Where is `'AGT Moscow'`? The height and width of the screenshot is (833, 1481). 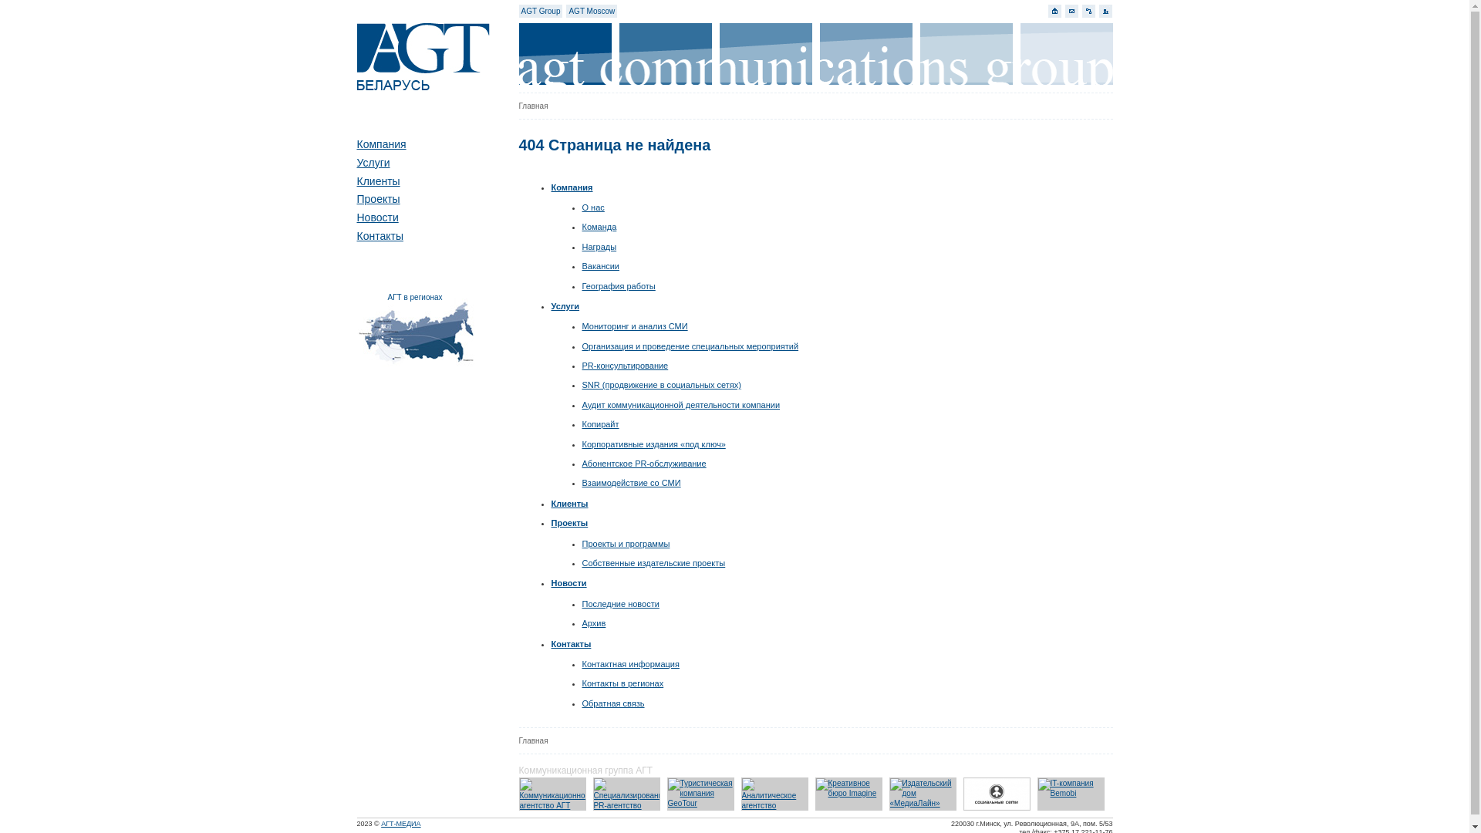
'AGT Moscow' is located at coordinates (591, 11).